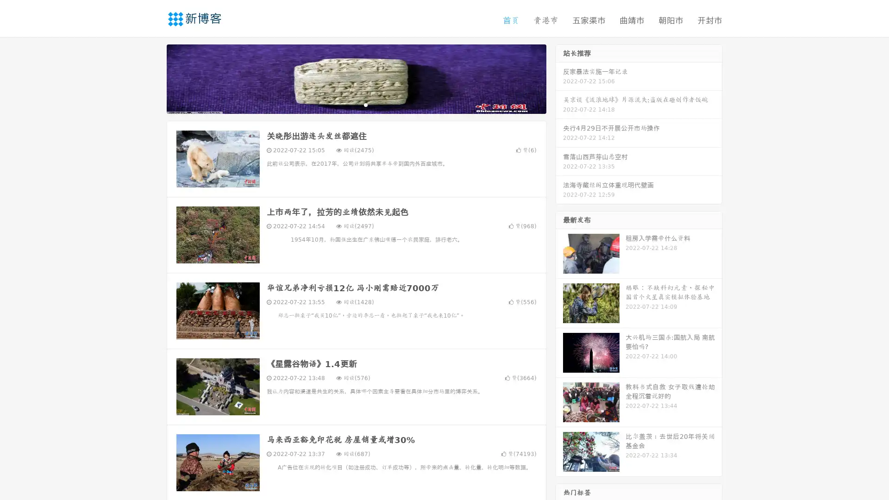  What do you see at coordinates (559, 78) in the screenshot?
I see `Next slide` at bounding box center [559, 78].